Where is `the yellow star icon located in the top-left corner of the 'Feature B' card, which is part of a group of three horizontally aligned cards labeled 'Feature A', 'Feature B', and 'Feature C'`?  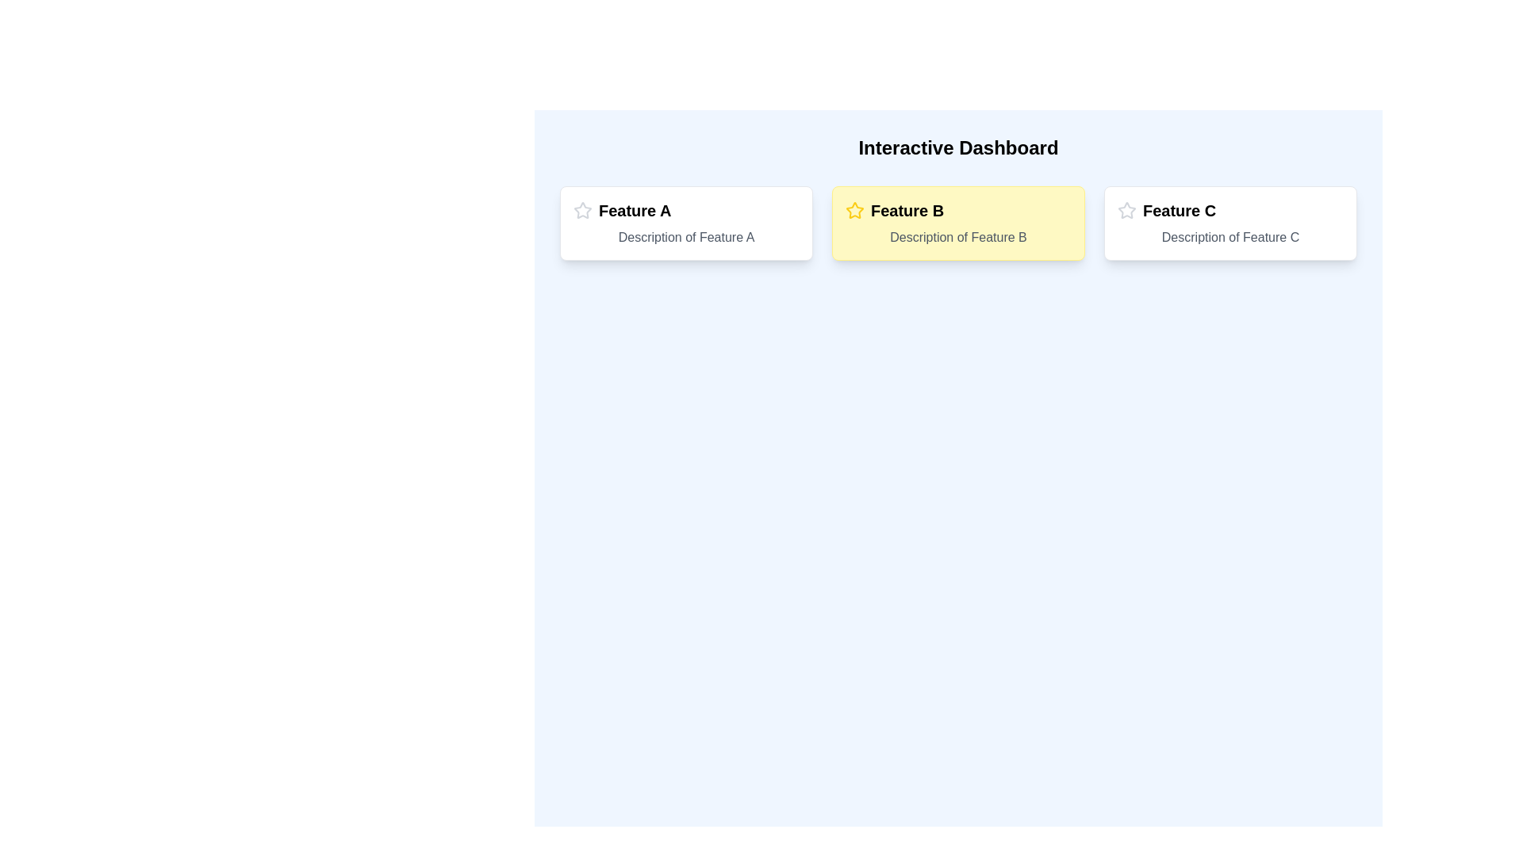 the yellow star icon located in the top-left corner of the 'Feature B' card, which is part of a group of three horizontally aligned cards labeled 'Feature A', 'Feature B', and 'Feature C' is located at coordinates (854, 209).